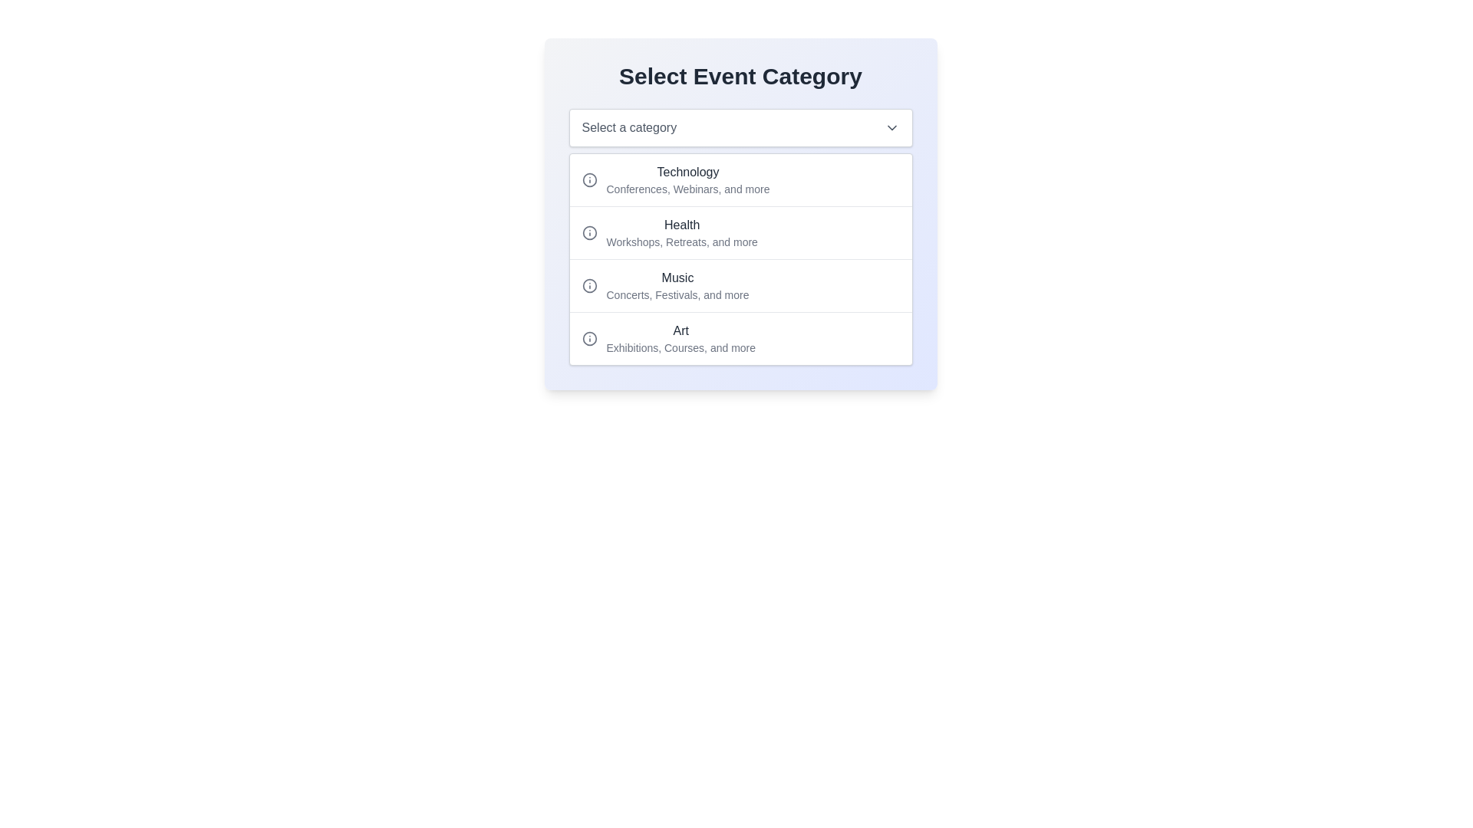 Image resolution: width=1473 pixels, height=828 pixels. Describe the element at coordinates (677, 295) in the screenshot. I see `text label that provides additional context for the 'Music' category, located in the third row of a vertical list directly below the 'Music' text` at that location.